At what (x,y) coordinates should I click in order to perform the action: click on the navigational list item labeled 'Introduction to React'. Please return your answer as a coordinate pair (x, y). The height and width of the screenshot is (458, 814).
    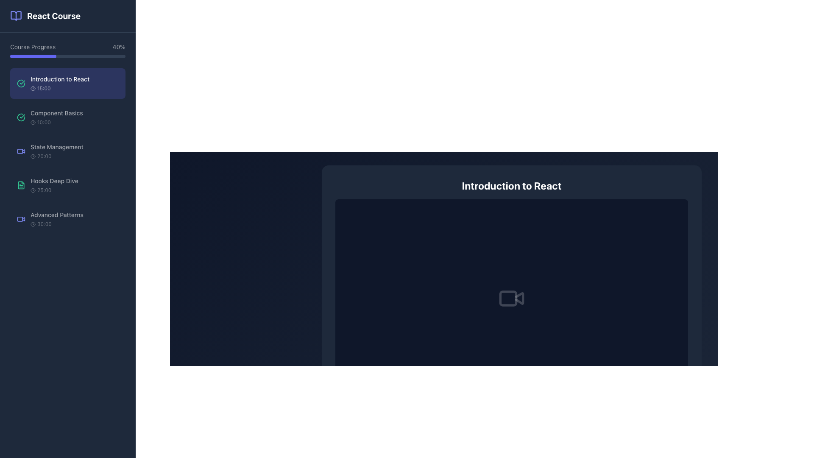
    Looking at the image, I should click on (75, 83).